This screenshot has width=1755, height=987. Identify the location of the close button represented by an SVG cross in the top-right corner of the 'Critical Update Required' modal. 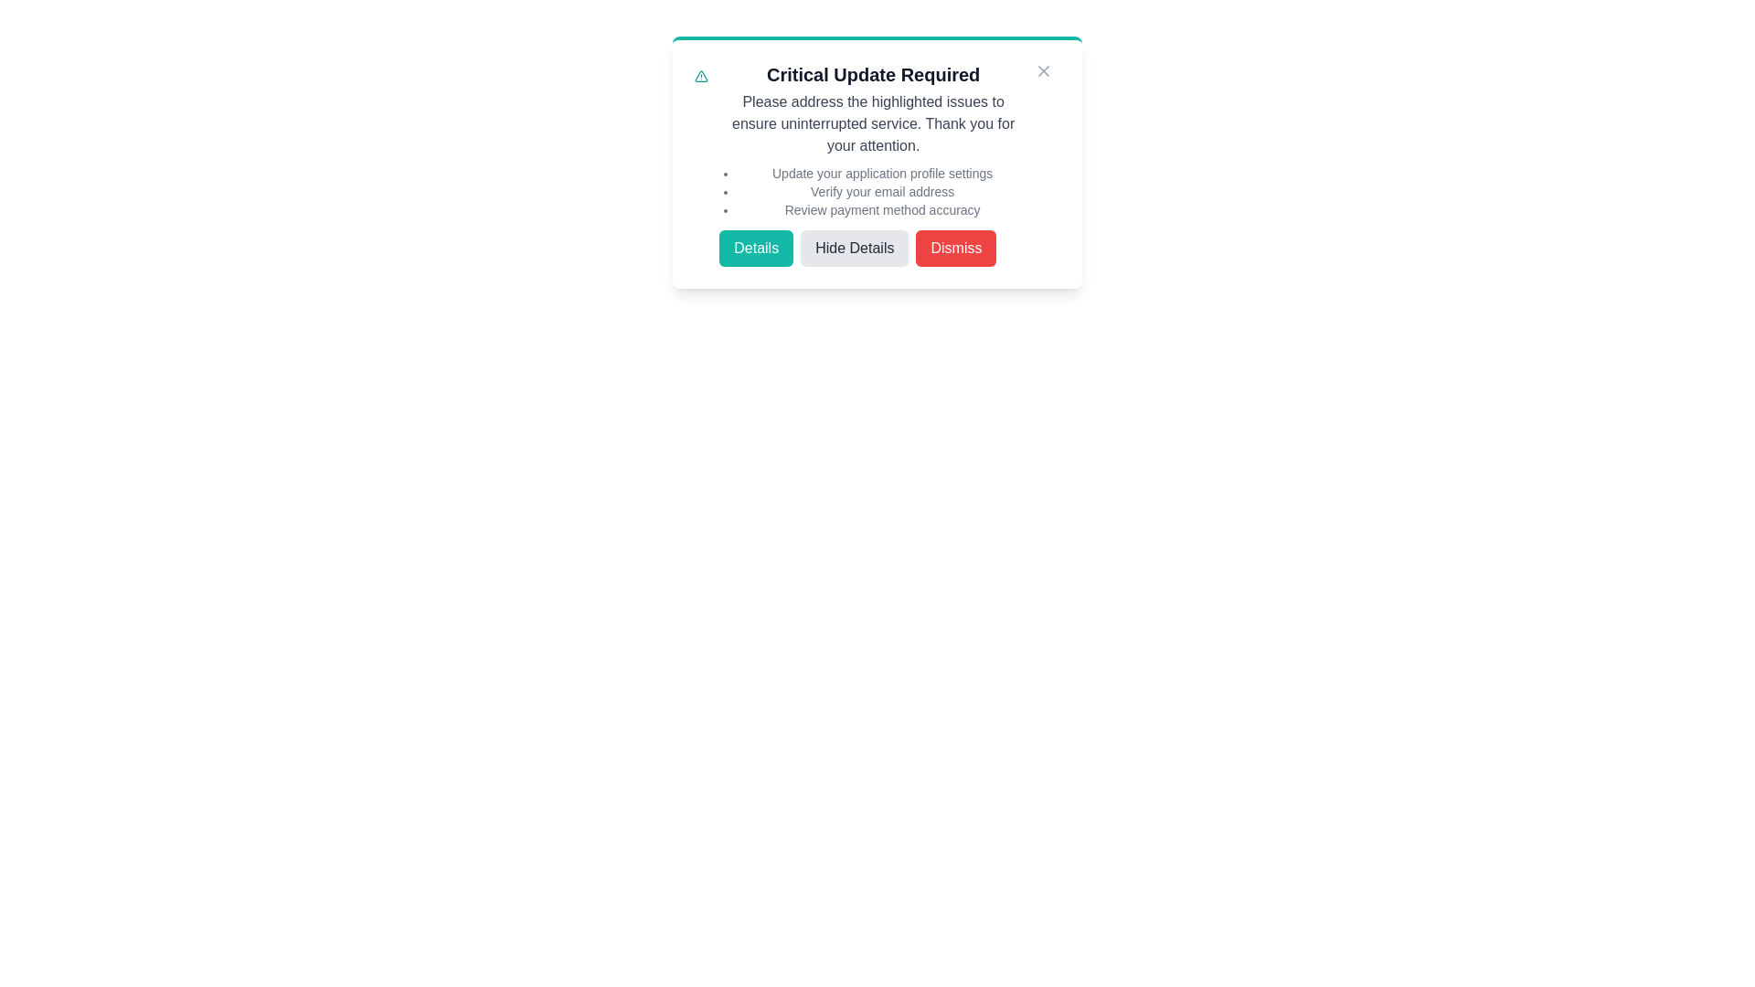
(1044, 69).